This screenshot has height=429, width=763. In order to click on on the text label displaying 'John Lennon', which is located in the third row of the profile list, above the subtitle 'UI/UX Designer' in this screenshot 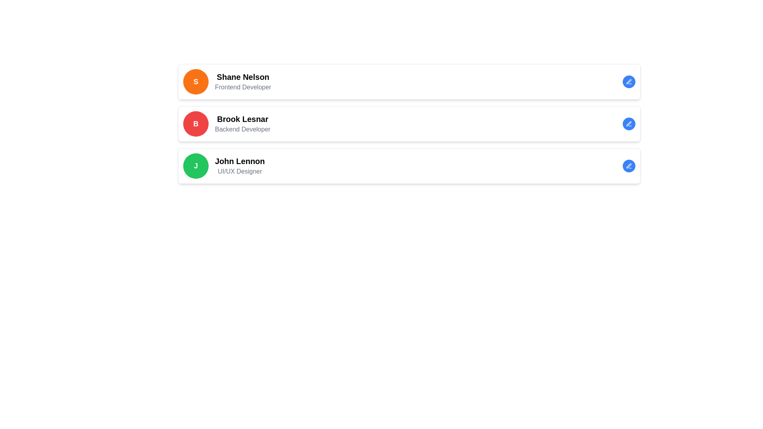, I will do `click(239, 161)`.